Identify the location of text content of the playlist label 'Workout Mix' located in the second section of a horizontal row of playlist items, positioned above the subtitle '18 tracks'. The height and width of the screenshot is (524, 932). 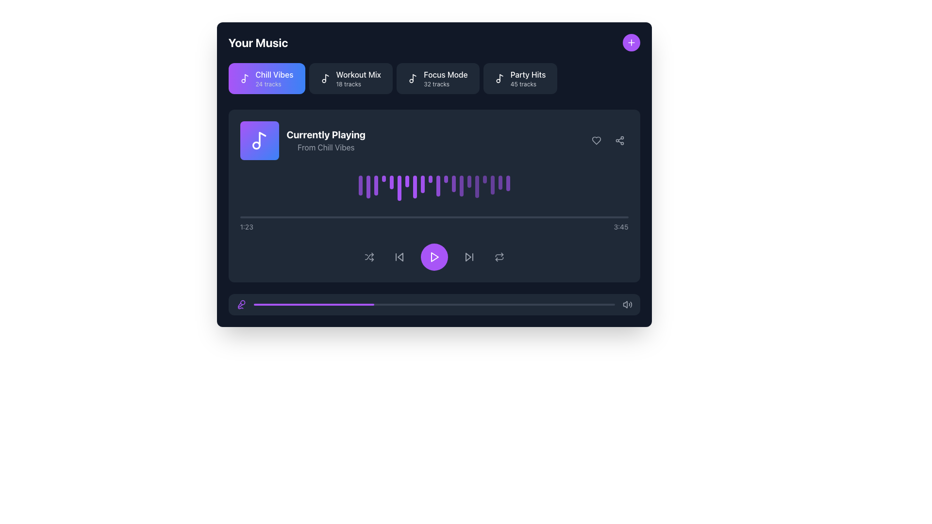
(358, 74).